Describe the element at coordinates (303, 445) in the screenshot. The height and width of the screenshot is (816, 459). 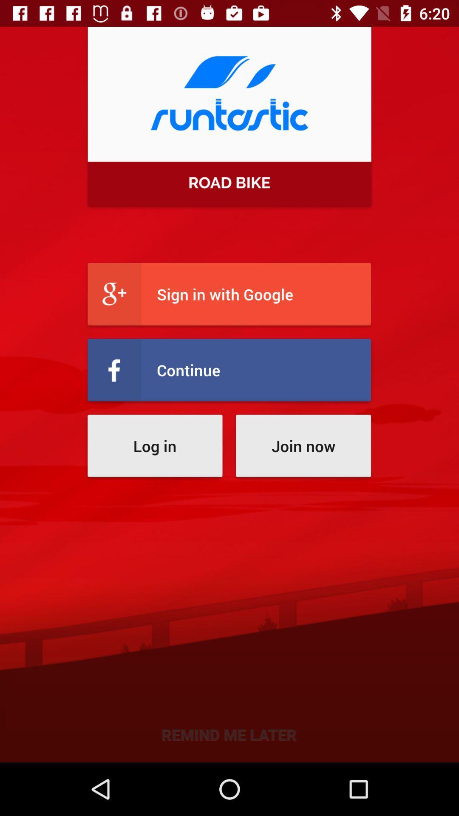
I see `the item below the continue` at that location.